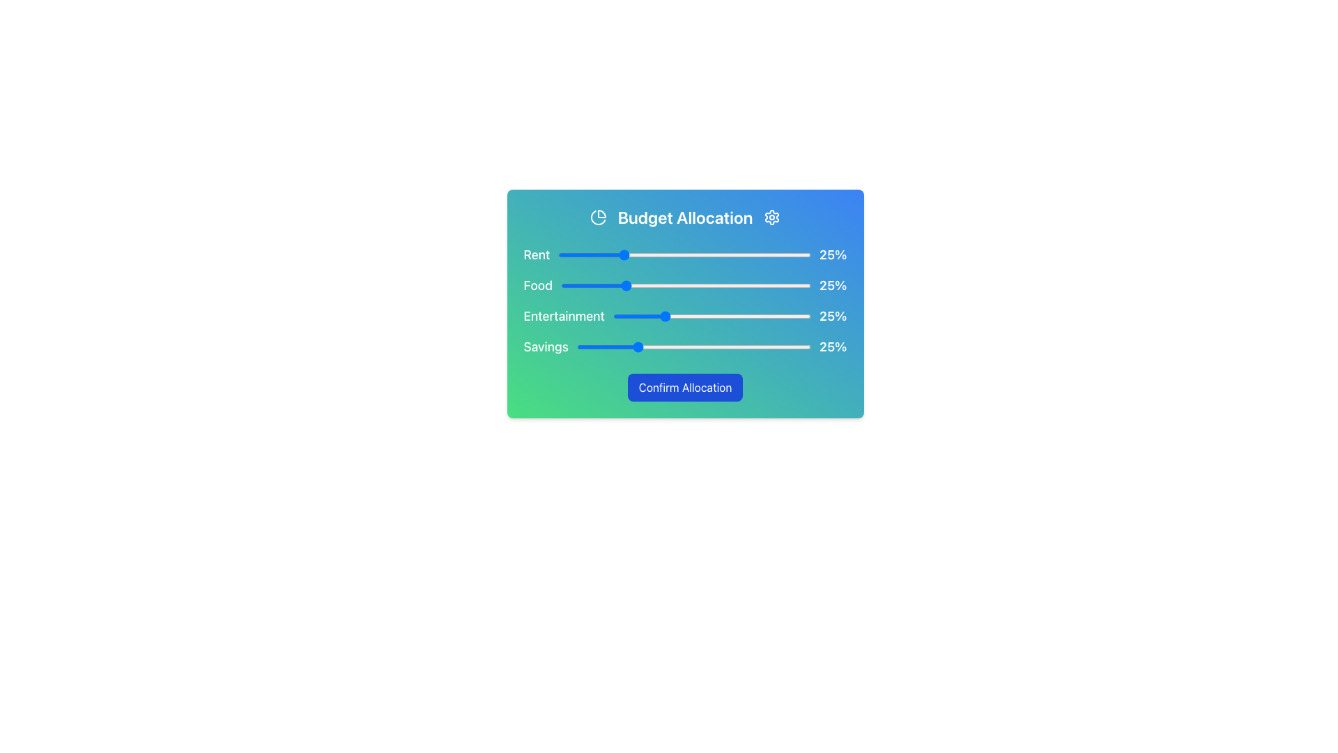 The height and width of the screenshot is (753, 1338). What do you see at coordinates (628, 317) in the screenshot?
I see `the Entertainment budget percentage` at bounding box center [628, 317].